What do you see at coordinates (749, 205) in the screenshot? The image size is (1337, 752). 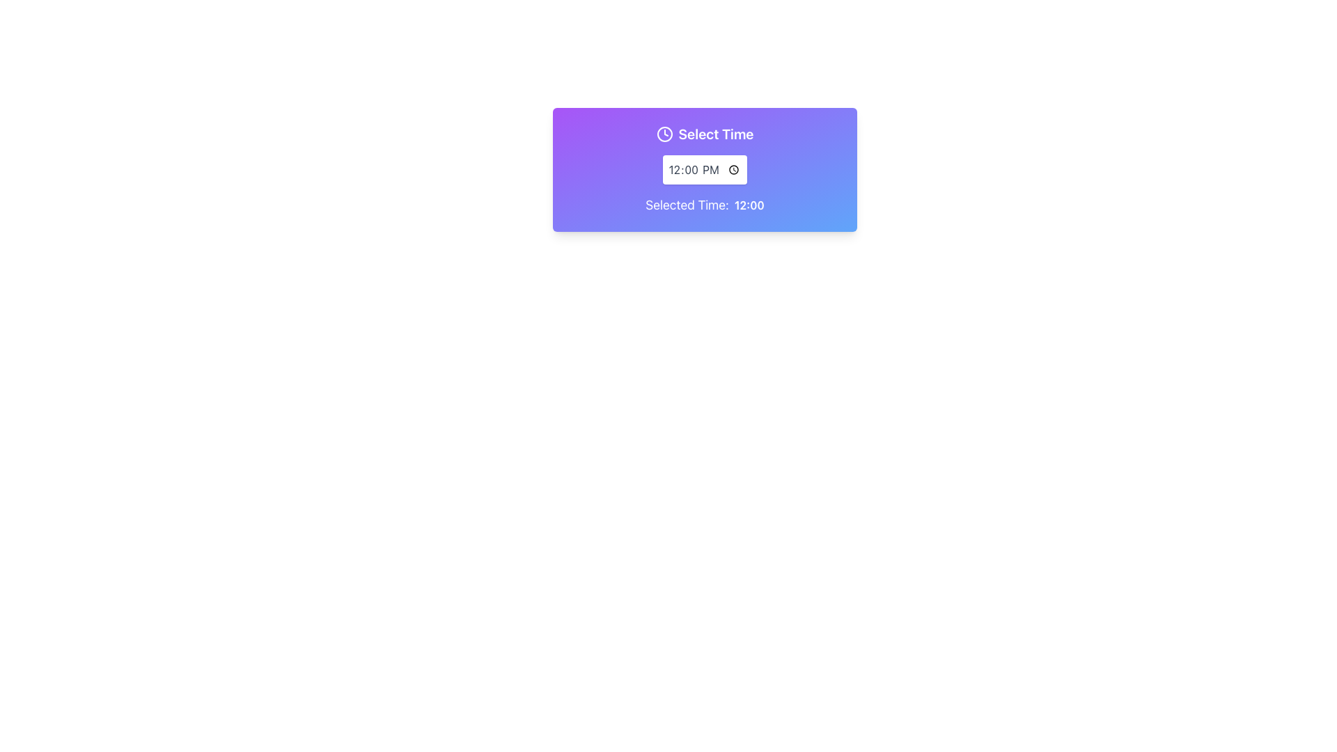 I see `the text label displaying the time '12:00', which is styled in bold and located to the immediate right of 'Selected Time:' on a purple background` at bounding box center [749, 205].